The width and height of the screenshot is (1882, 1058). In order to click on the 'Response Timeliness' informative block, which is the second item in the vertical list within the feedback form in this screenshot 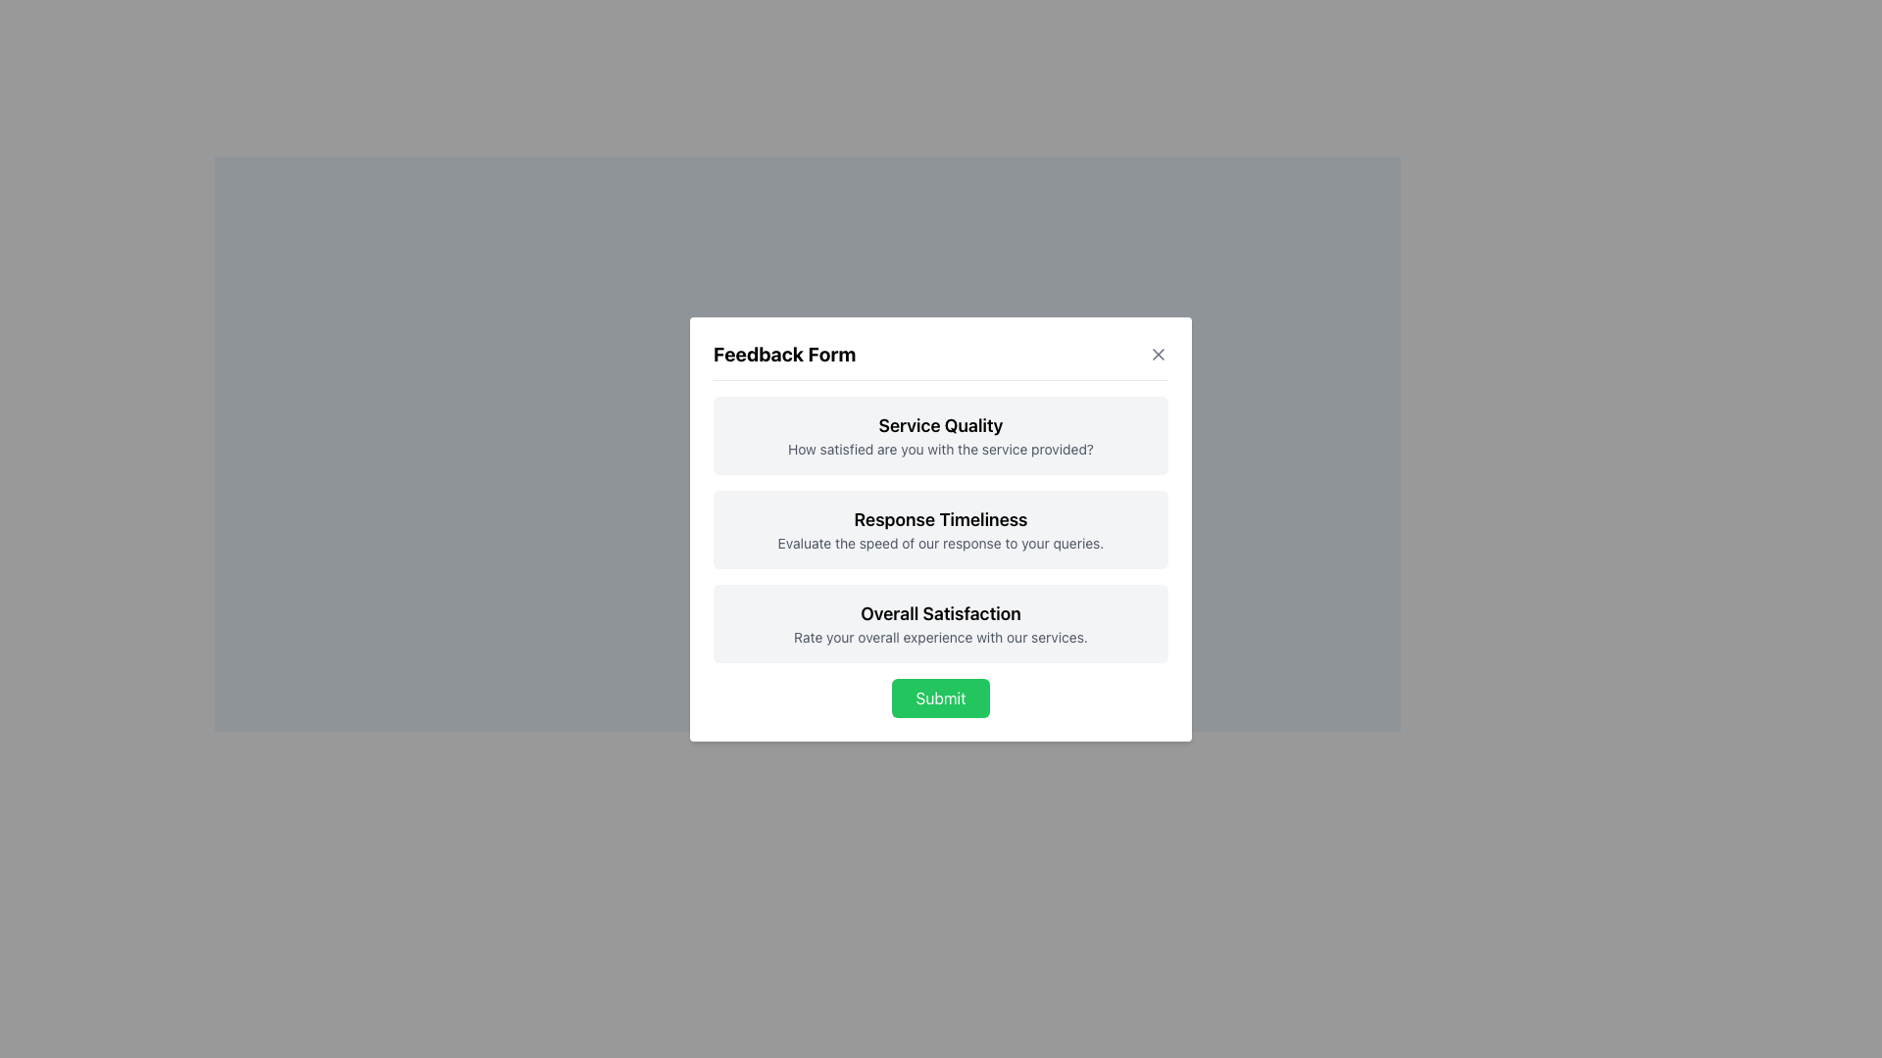, I will do `click(941, 529)`.